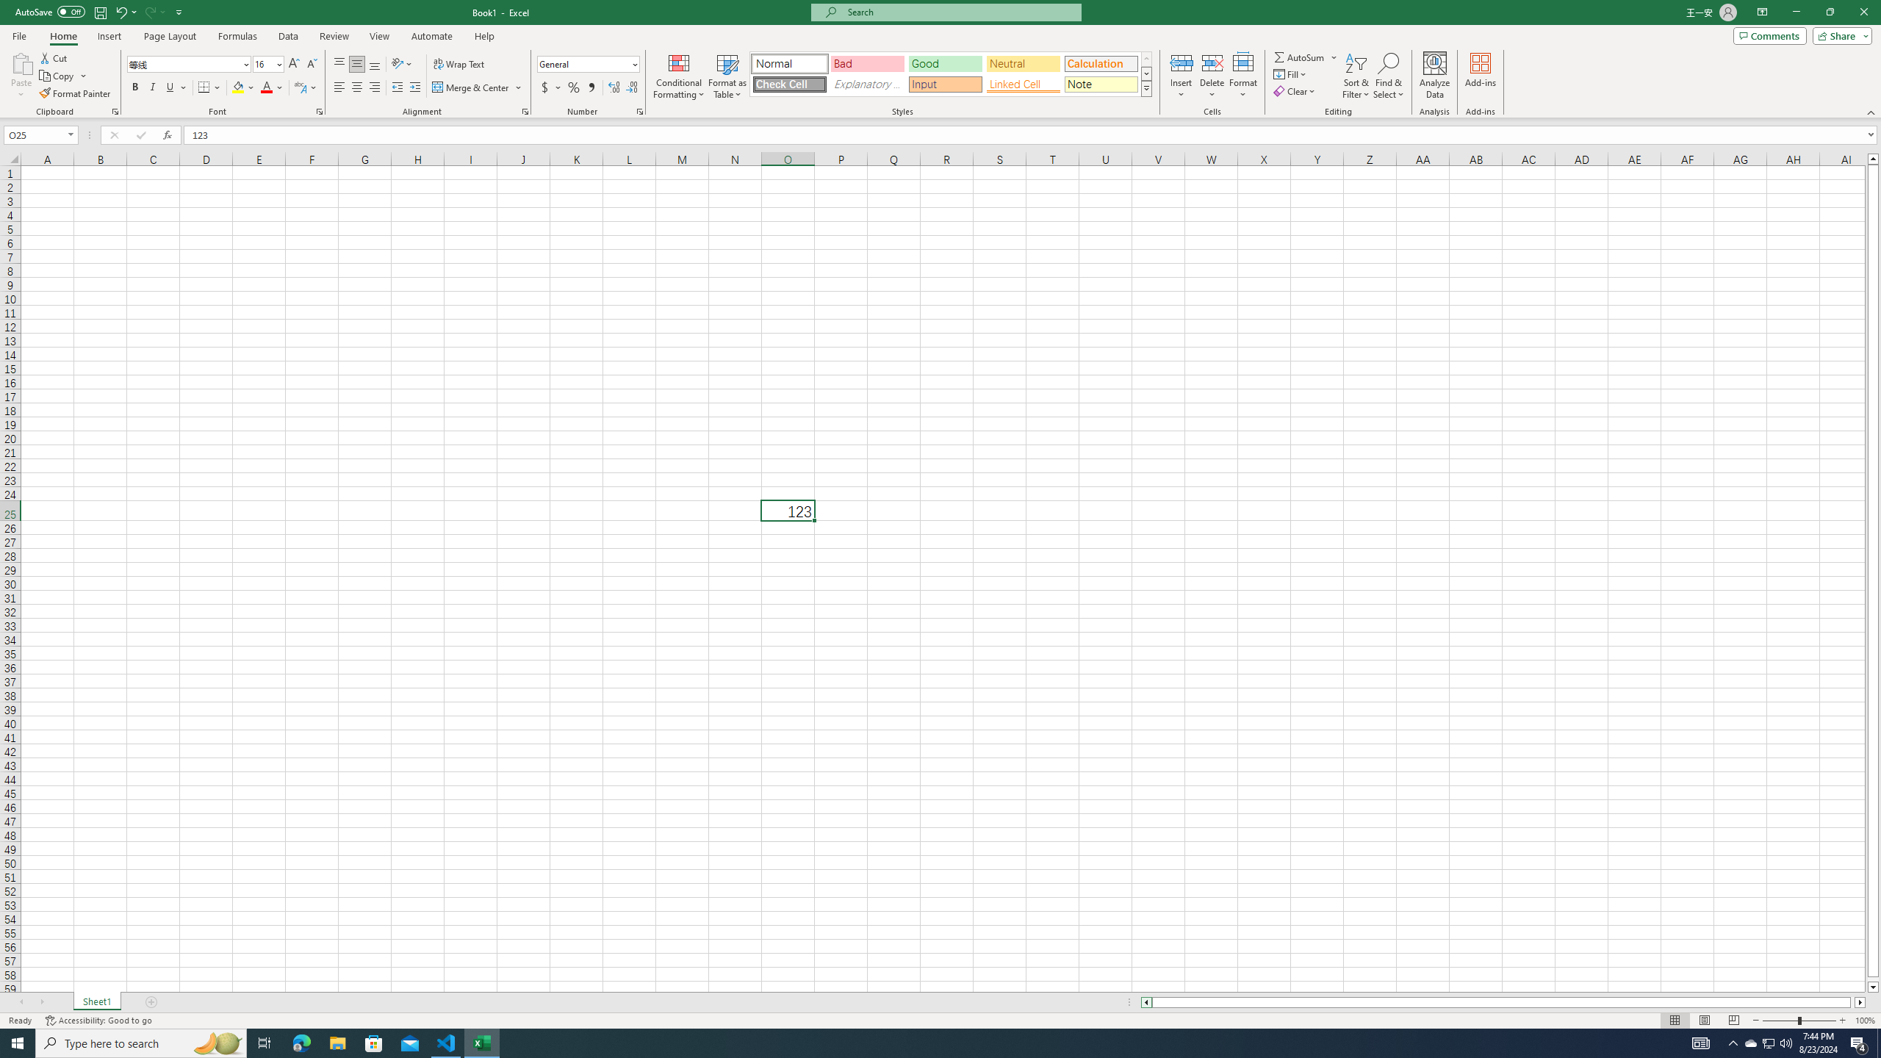 The width and height of the screenshot is (1881, 1058). What do you see at coordinates (1863, 12) in the screenshot?
I see `'Close'` at bounding box center [1863, 12].